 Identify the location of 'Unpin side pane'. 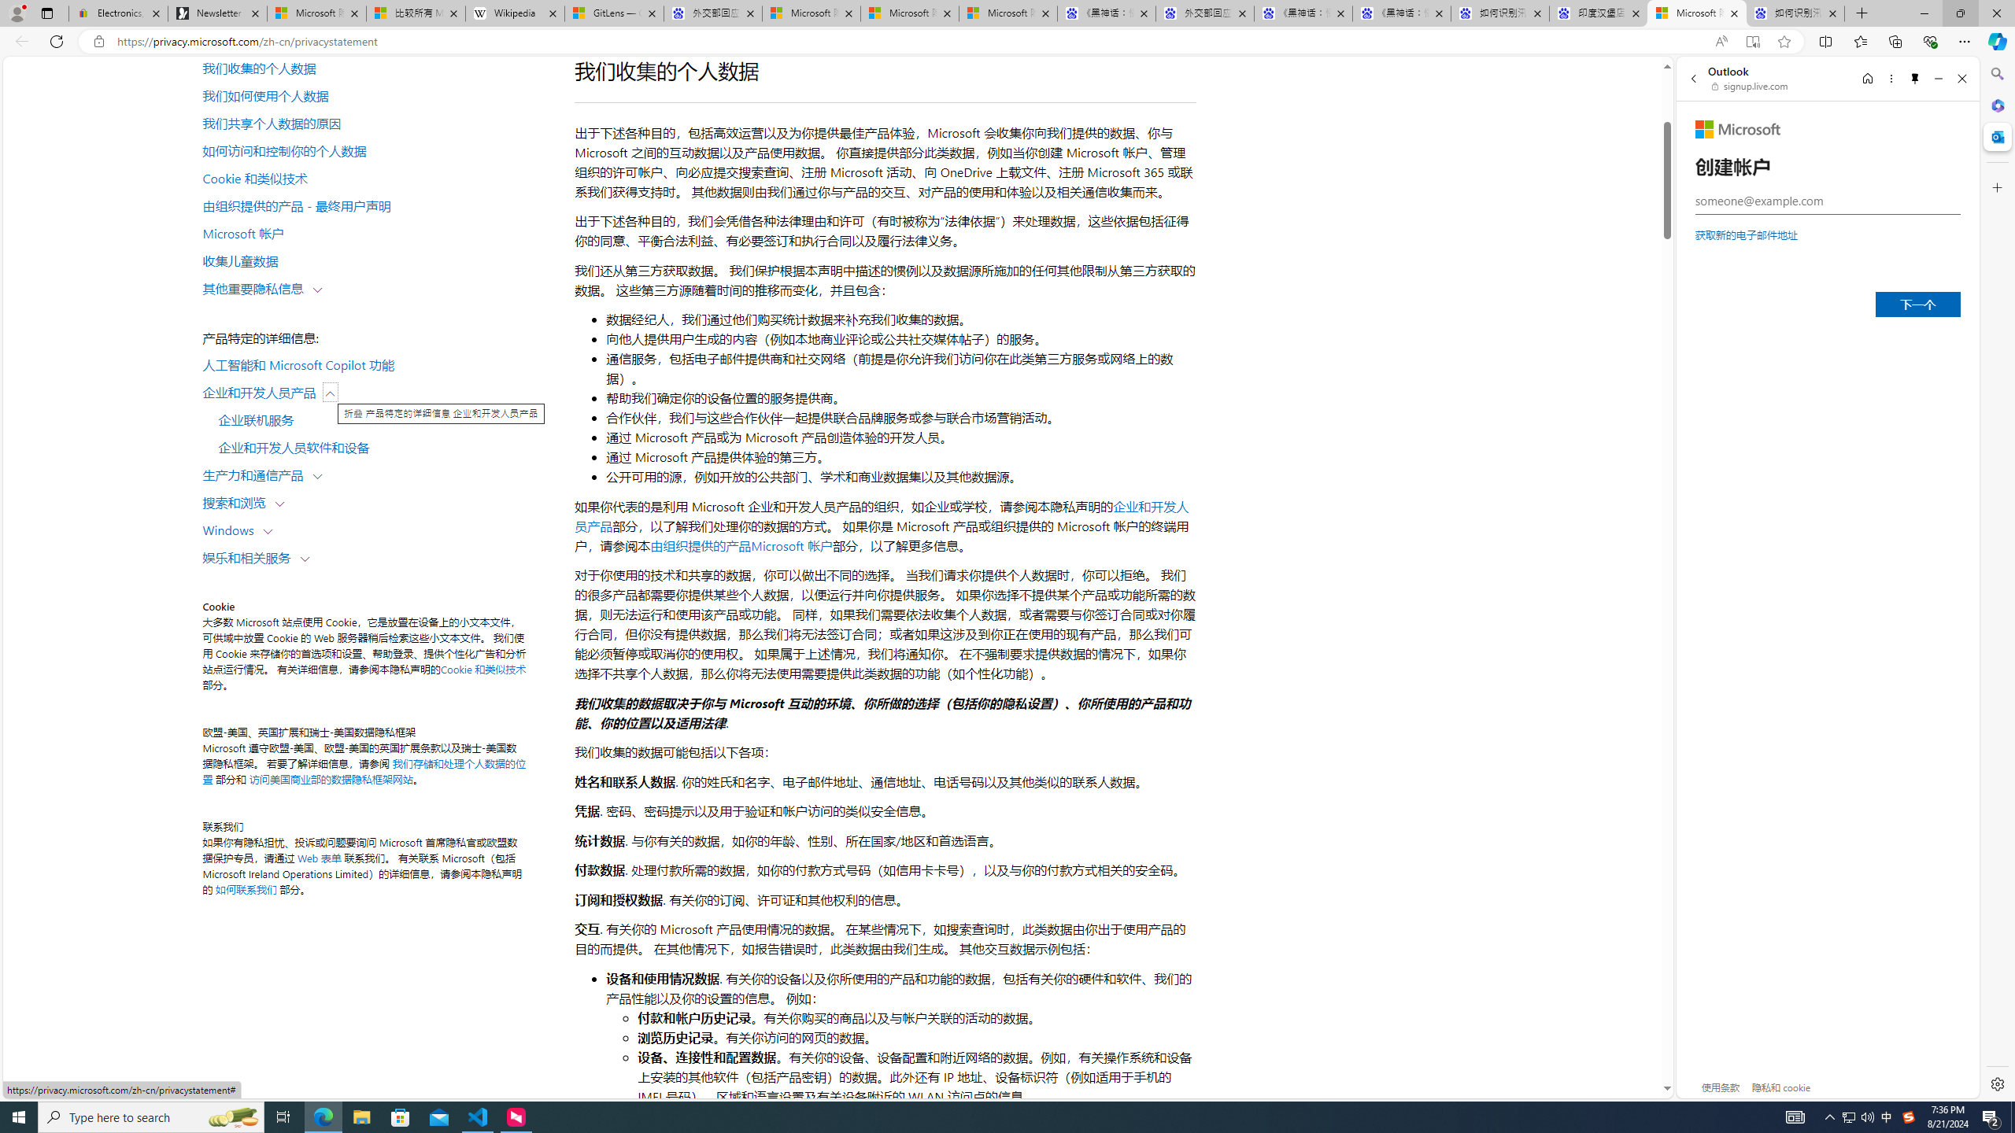
(1915, 78).